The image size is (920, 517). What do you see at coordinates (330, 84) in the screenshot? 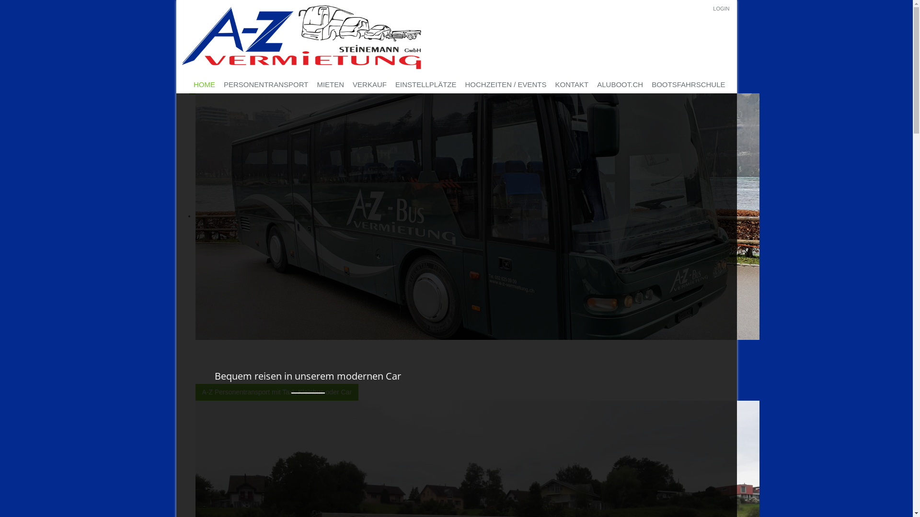
I see `'MIETEN'` at bounding box center [330, 84].